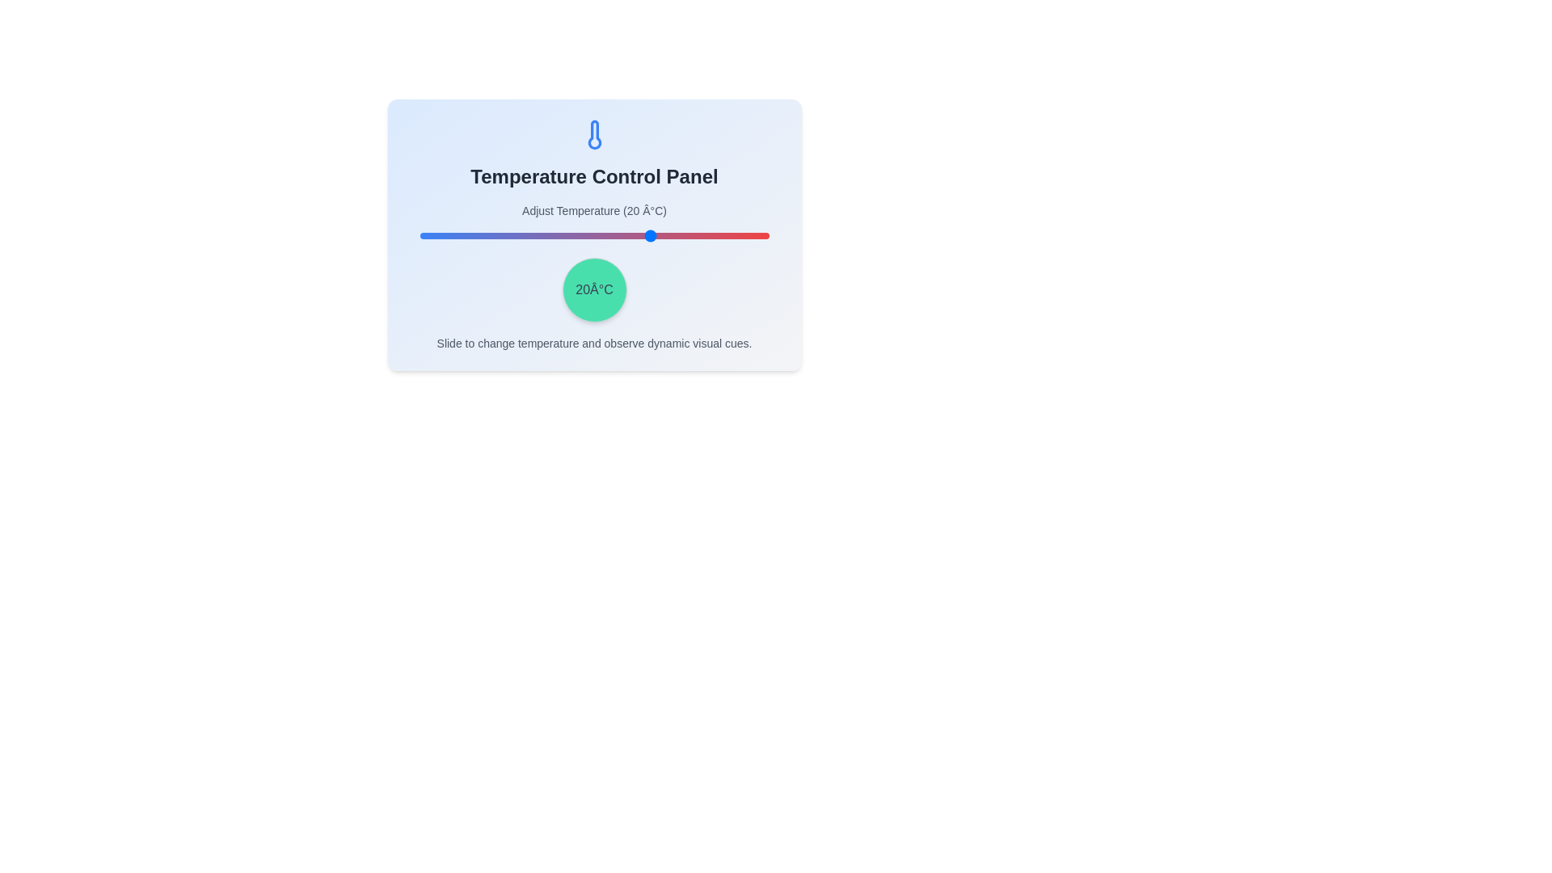 The image size is (1552, 873). Describe the element at coordinates (680, 236) in the screenshot. I see `the temperature slider to 27°C` at that location.